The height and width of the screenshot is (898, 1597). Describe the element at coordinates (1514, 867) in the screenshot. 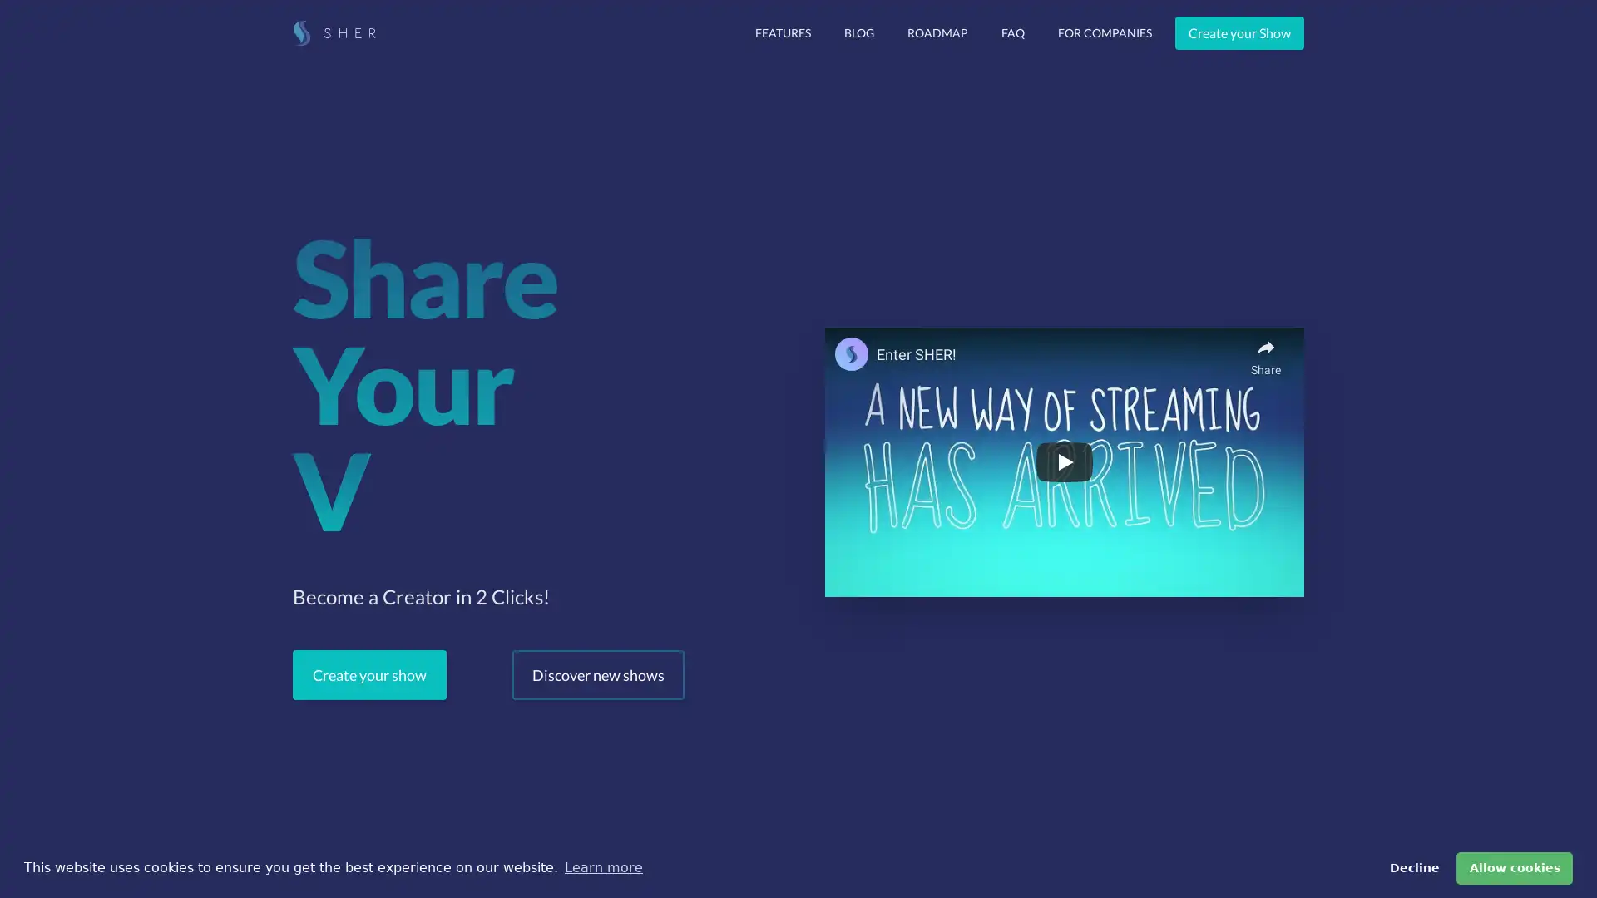

I see `allow cookies` at that location.